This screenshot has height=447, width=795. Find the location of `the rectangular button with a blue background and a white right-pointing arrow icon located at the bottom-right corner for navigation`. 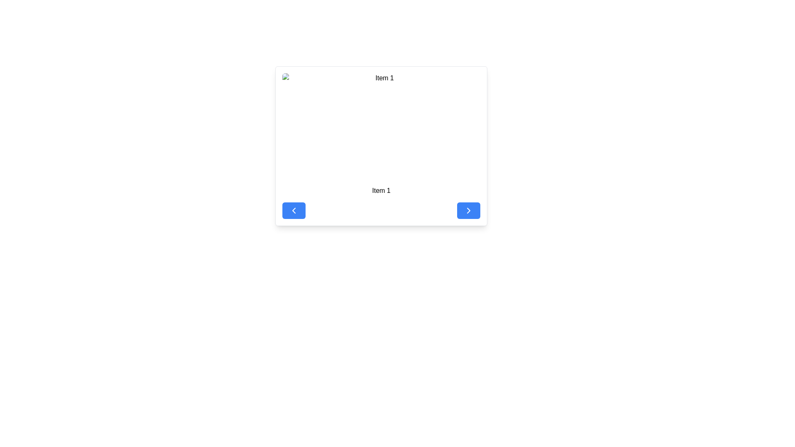

the rectangular button with a blue background and a white right-pointing arrow icon located at the bottom-right corner for navigation is located at coordinates (469, 210).